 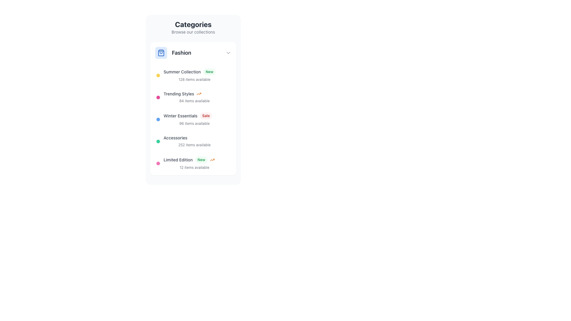 I want to click on the 'Accessories' category text block, which displays 'Accessories' in gray and '252 items available' below it, located in the fourth list item under the 'Fashion' category, so click(x=194, y=141).